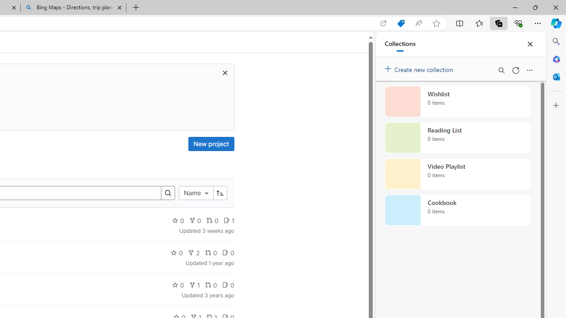 The width and height of the screenshot is (566, 318). What do you see at coordinates (383, 23) in the screenshot?
I see `'Open in app'` at bounding box center [383, 23].